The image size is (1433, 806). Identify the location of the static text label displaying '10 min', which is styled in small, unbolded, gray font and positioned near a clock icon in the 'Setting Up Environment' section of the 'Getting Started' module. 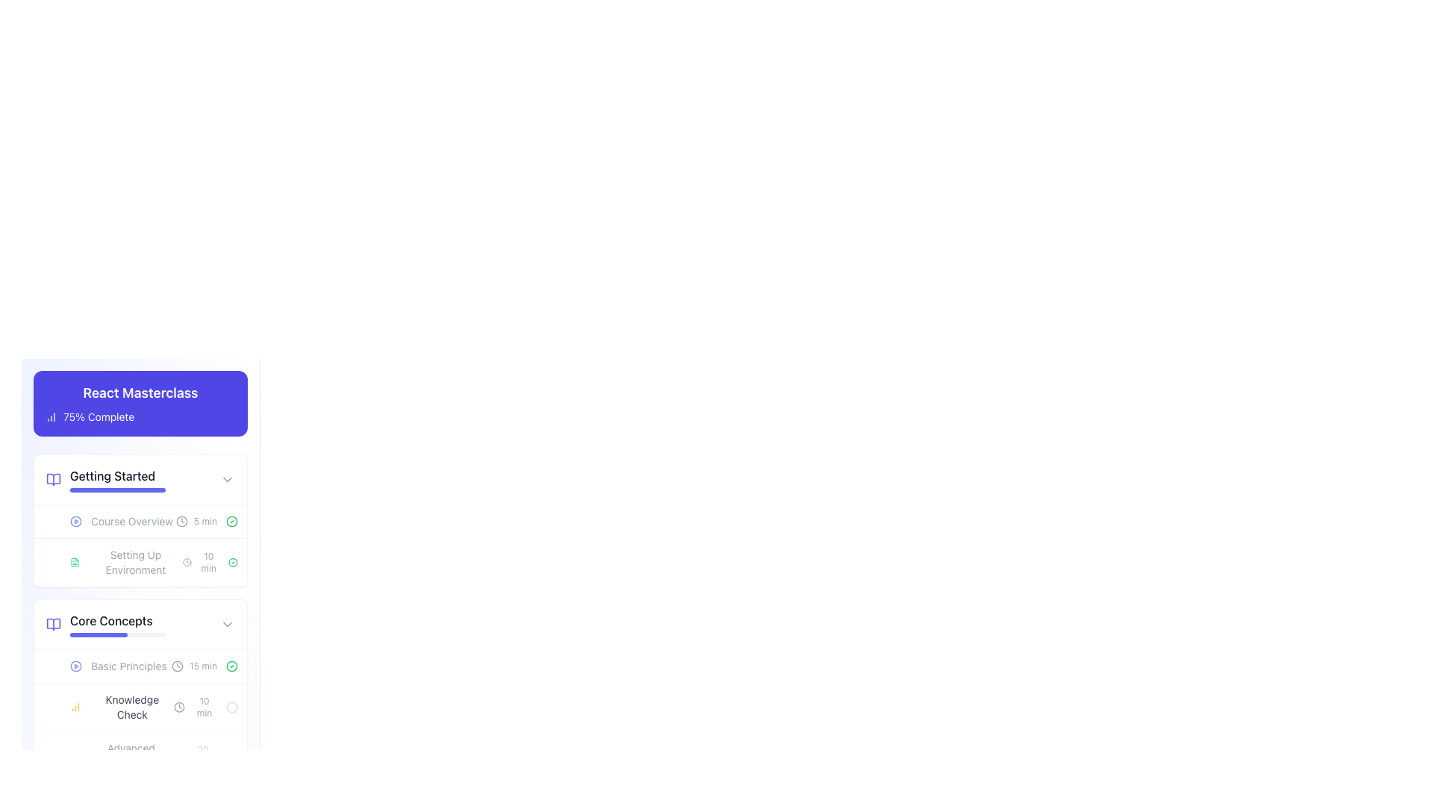
(207, 562).